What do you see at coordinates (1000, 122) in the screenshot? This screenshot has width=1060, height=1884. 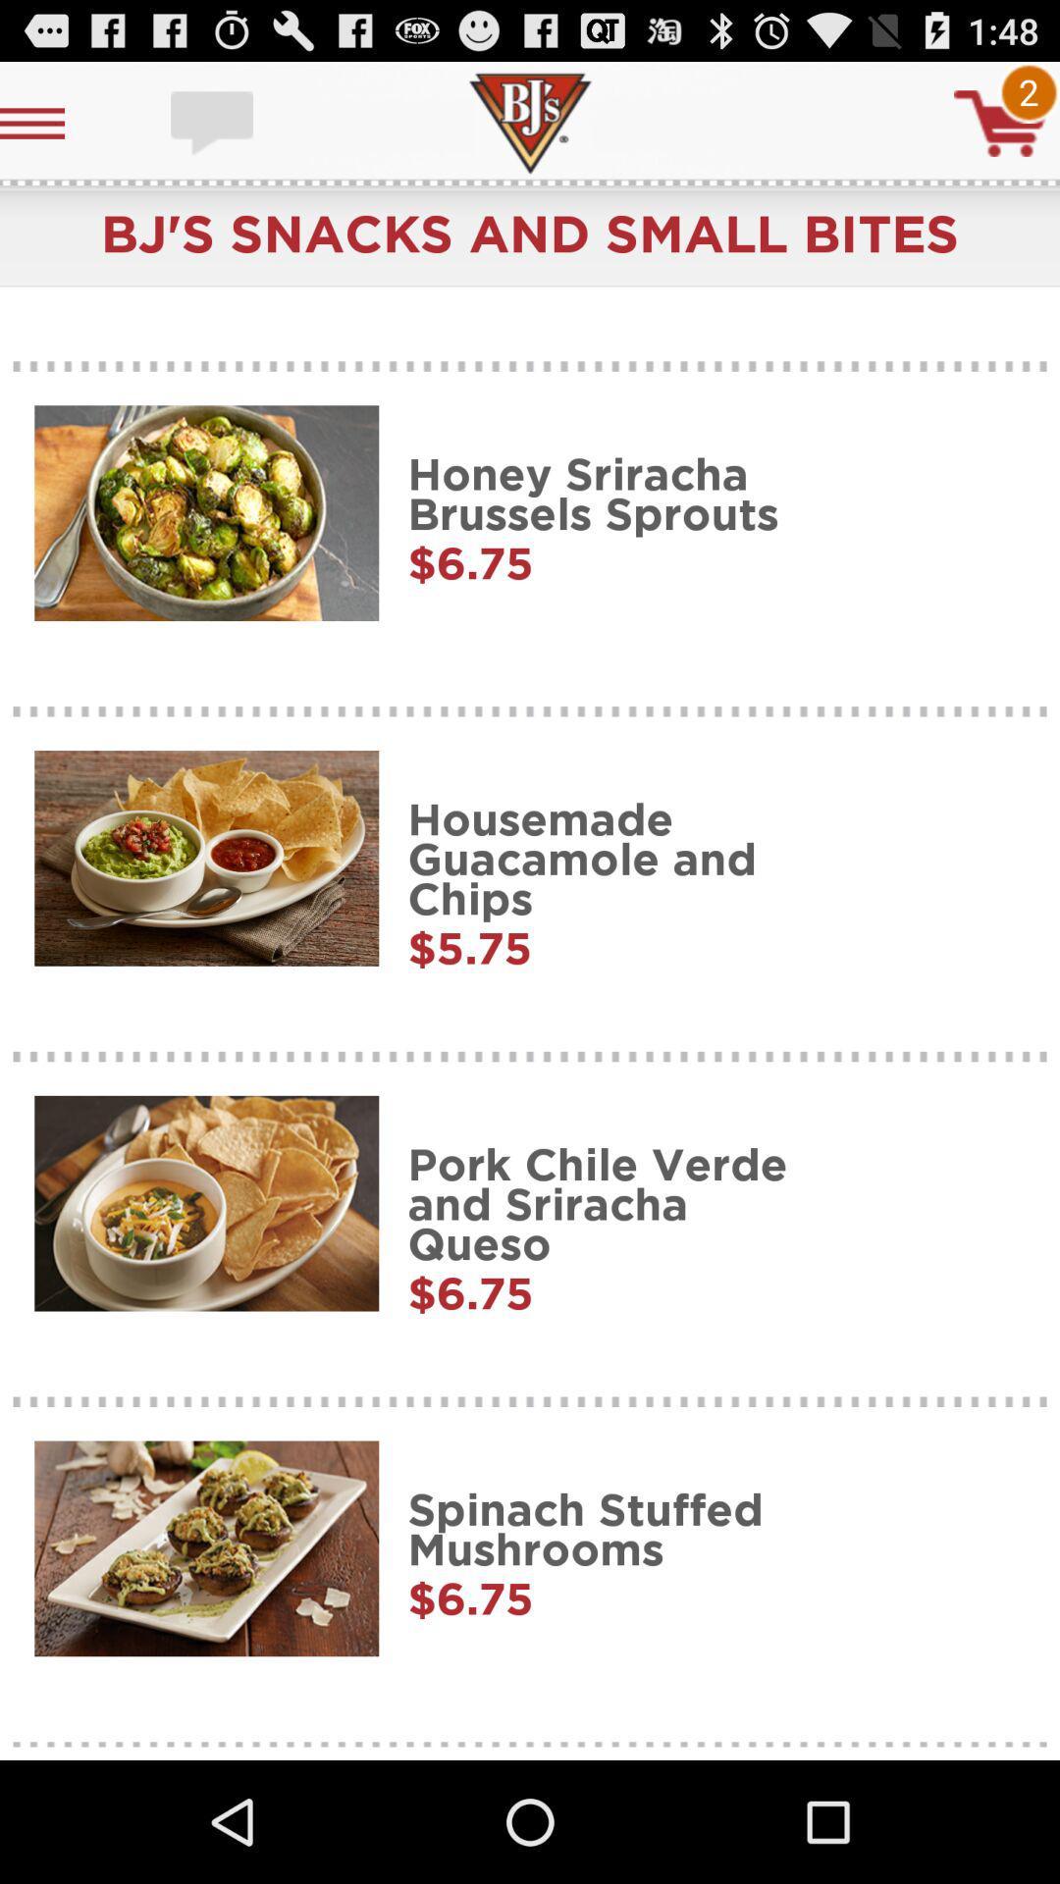 I see `cart` at bounding box center [1000, 122].